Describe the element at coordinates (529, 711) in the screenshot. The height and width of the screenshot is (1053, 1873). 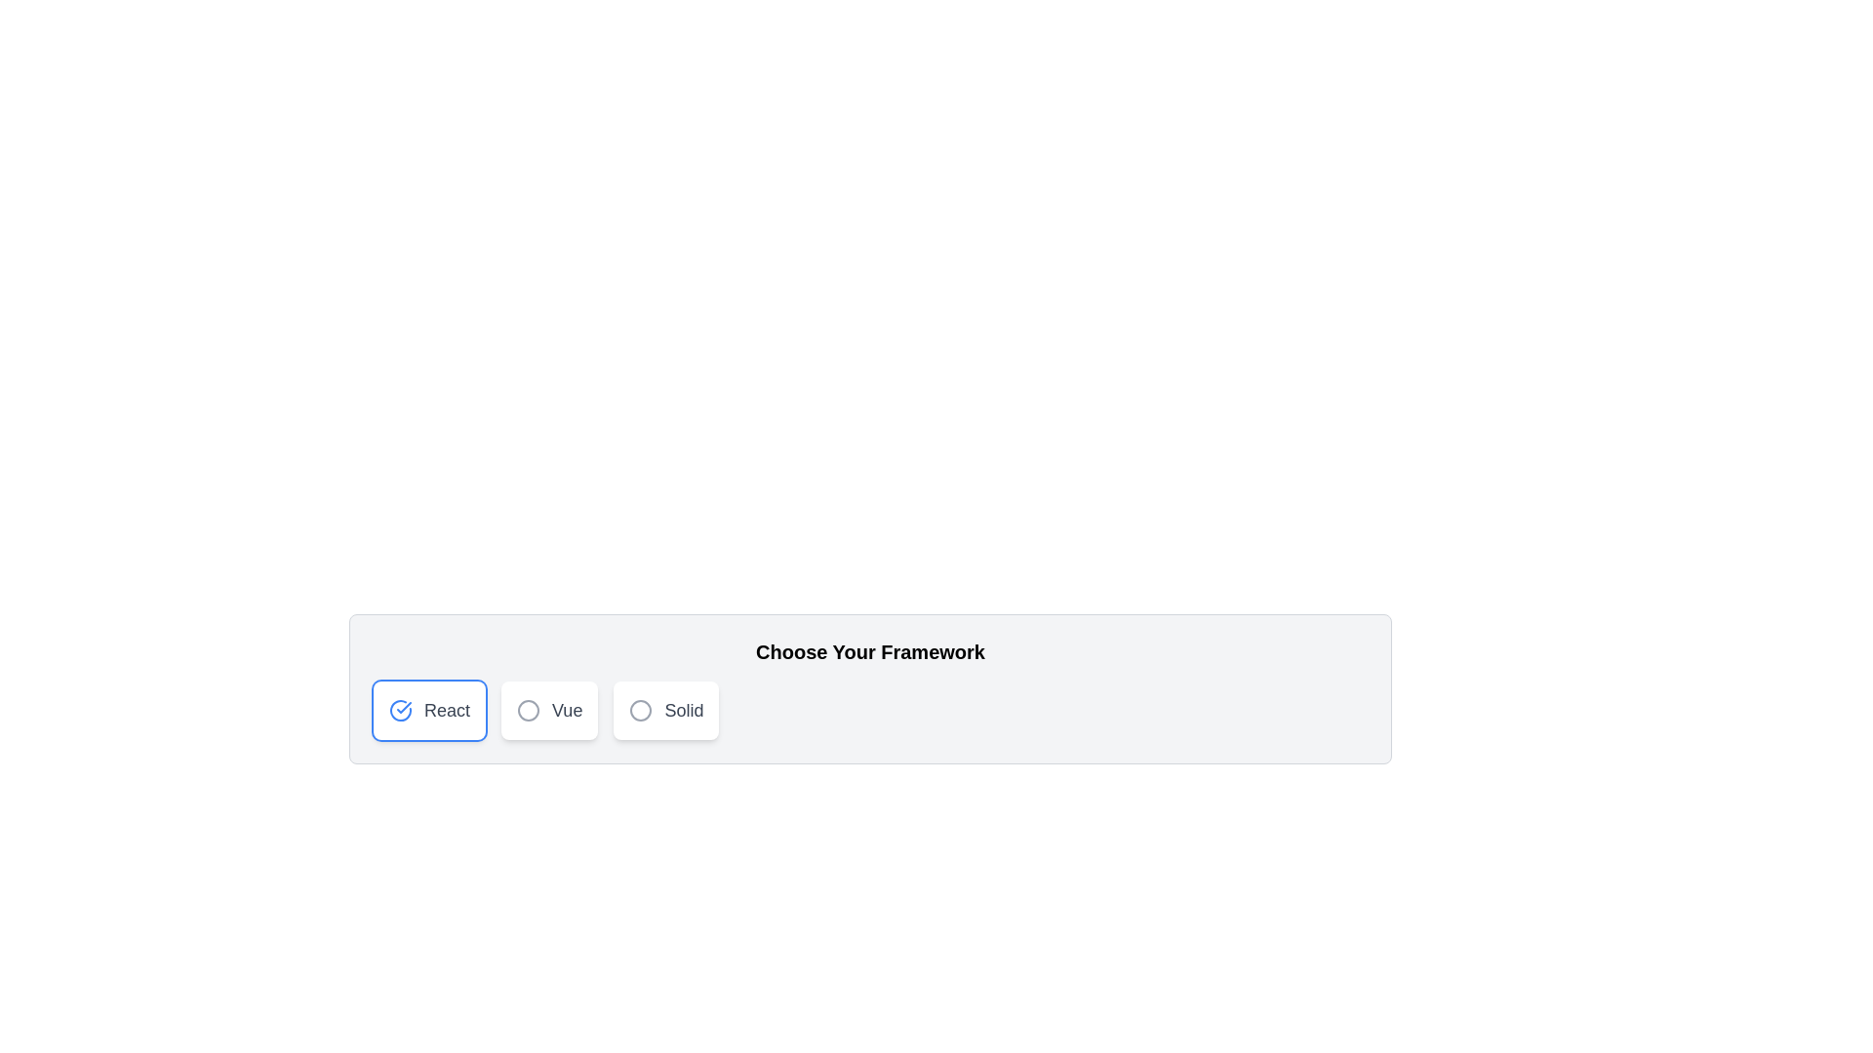
I see `the circular graphic within the 'Vue' button, which is the second button in a row of three framework options` at that location.